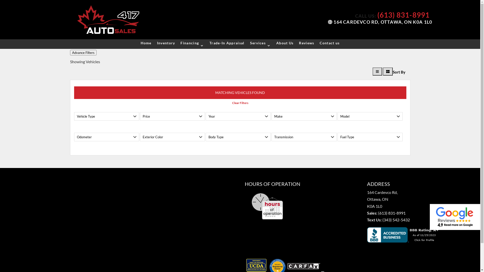 The height and width of the screenshot is (272, 484). Describe the element at coordinates (338, 116) in the screenshot. I see `'Model'` at that location.